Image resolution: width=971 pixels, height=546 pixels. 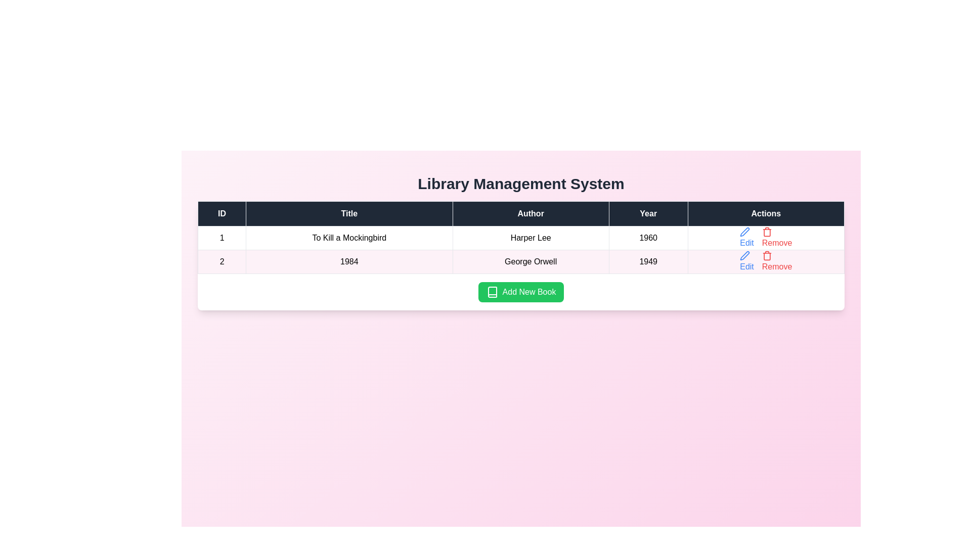 What do you see at coordinates (648, 213) in the screenshot?
I see `the 'Year' header label in the table, which is the fourth item in a sequence of headers including 'ID', 'Title', 'Author', and 'Actions'` at bounding box center [648, 213].